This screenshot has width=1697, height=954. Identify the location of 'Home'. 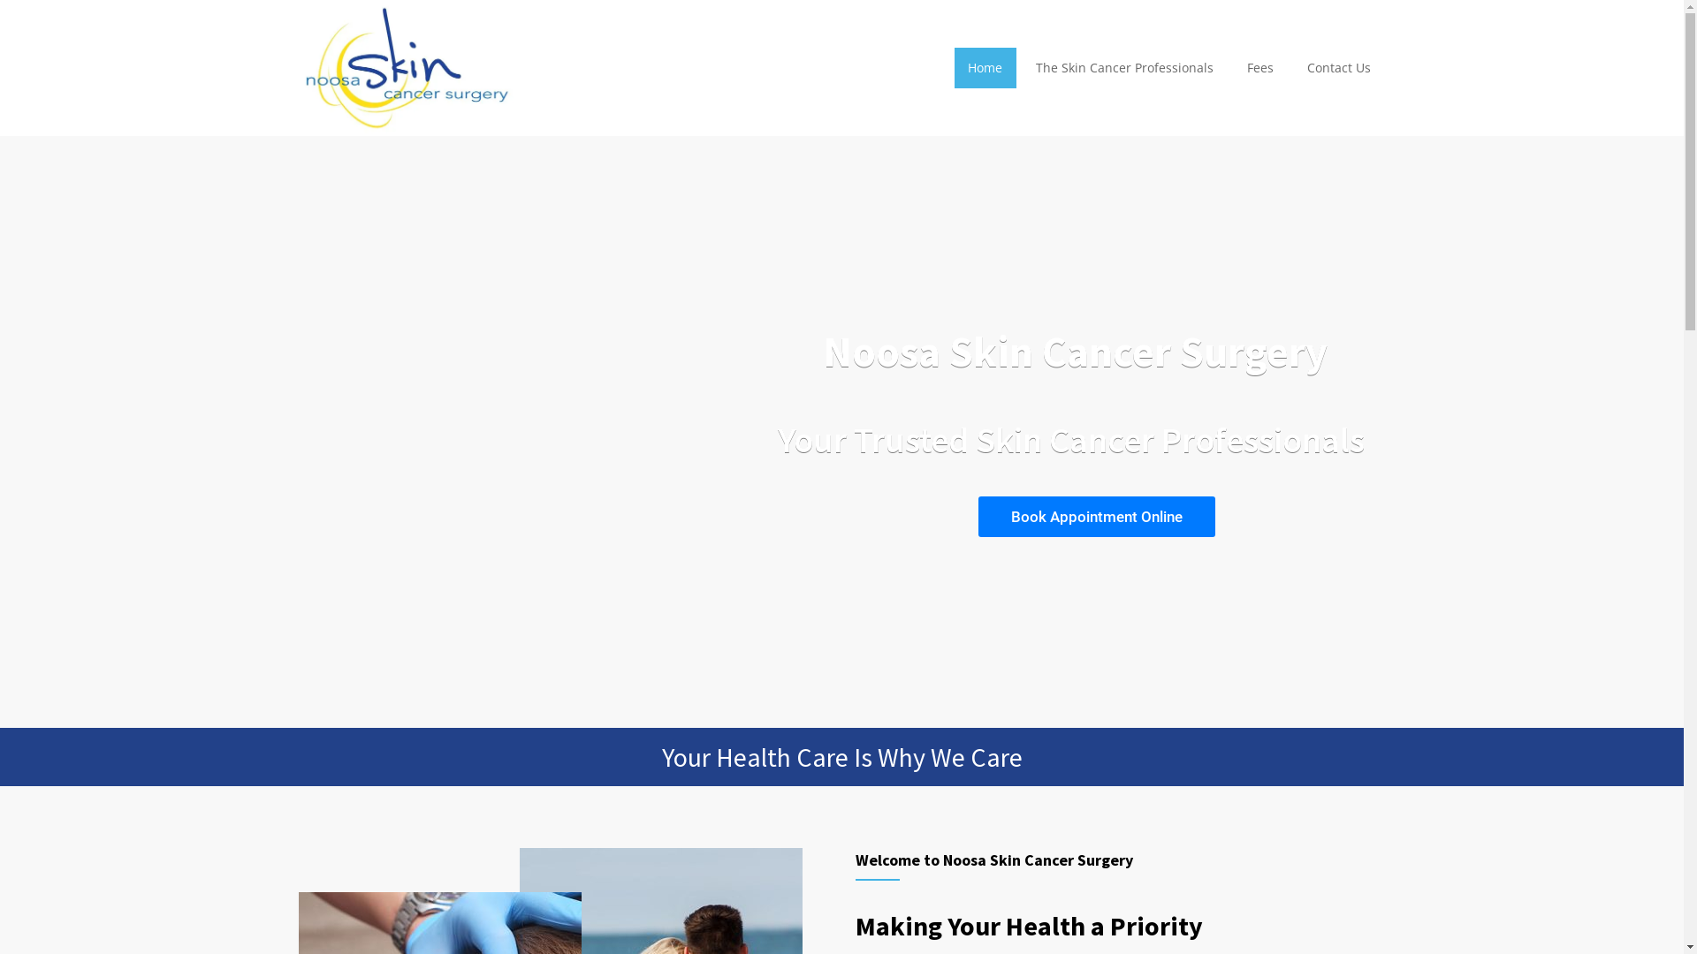
(952, 67).